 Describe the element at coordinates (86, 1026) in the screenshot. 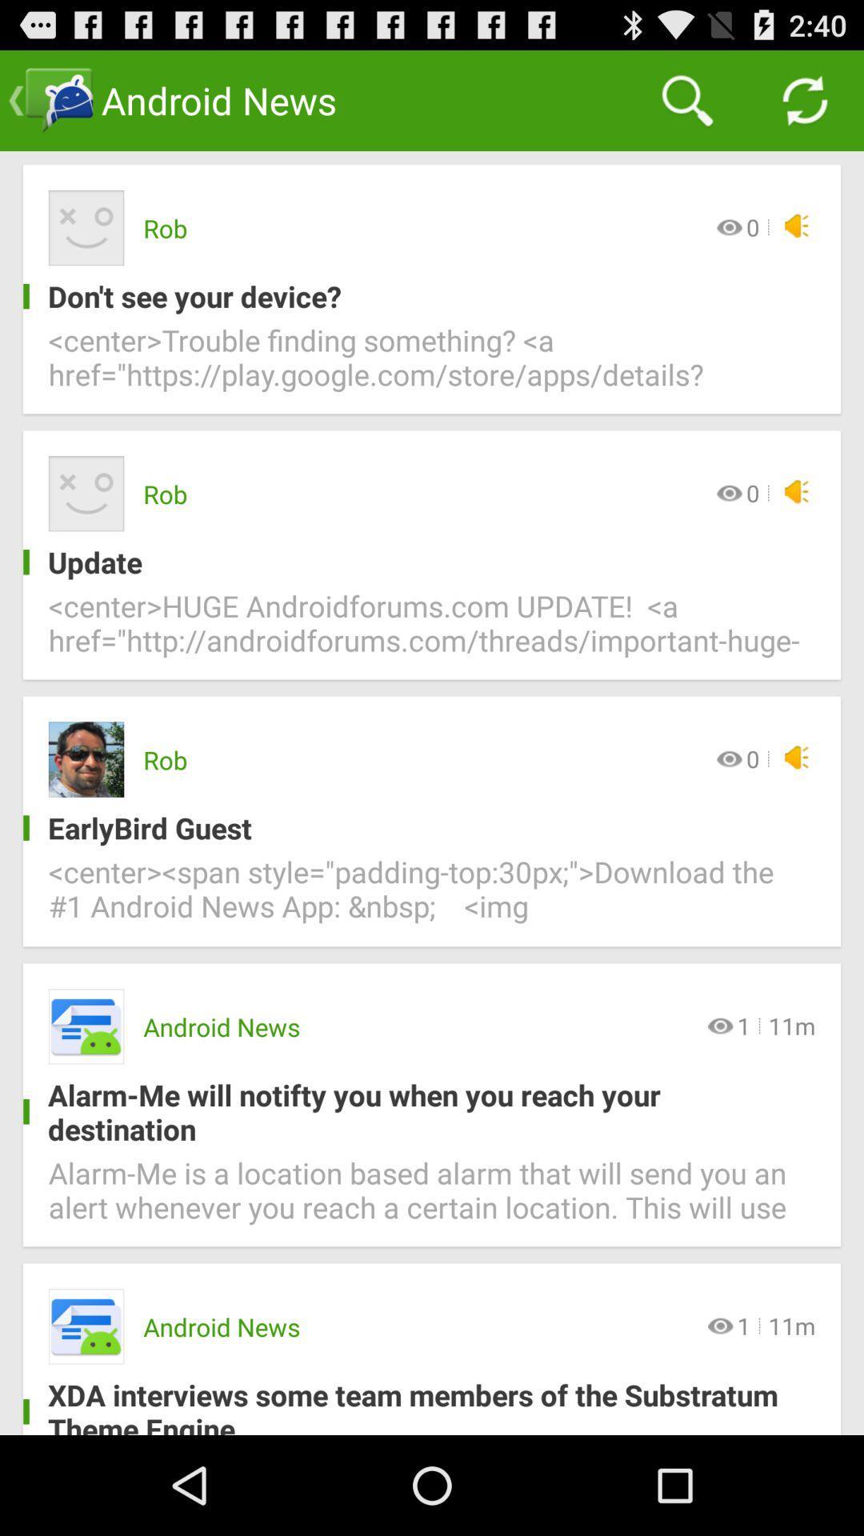

I see `the fourth icon of the page which is on the left side` at that location.